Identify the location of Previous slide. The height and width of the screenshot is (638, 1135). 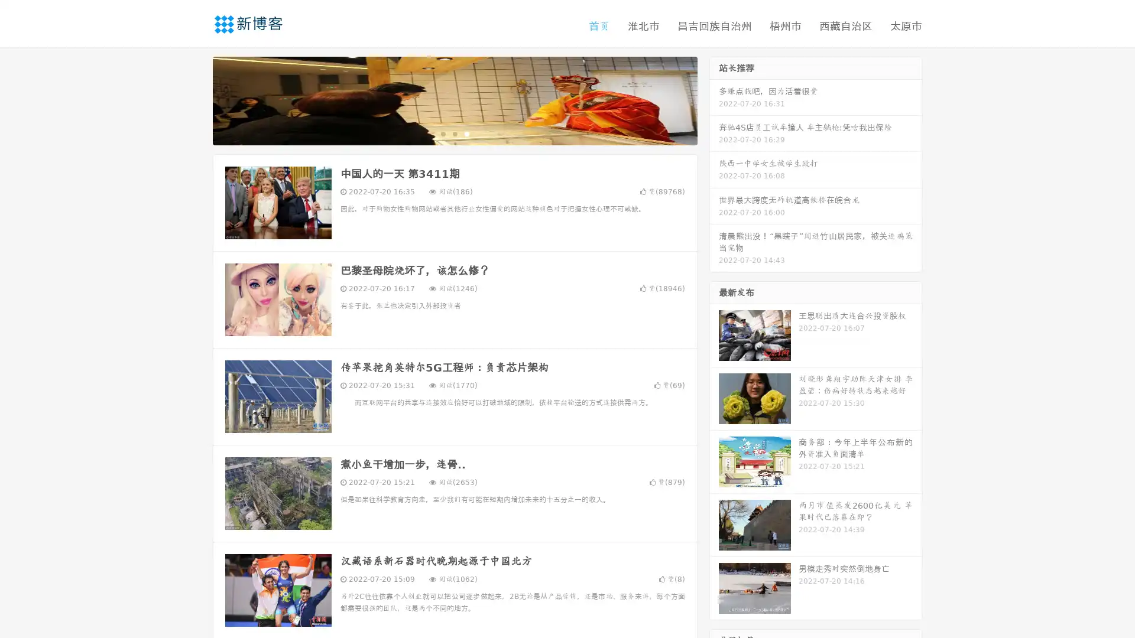
(195, 99).